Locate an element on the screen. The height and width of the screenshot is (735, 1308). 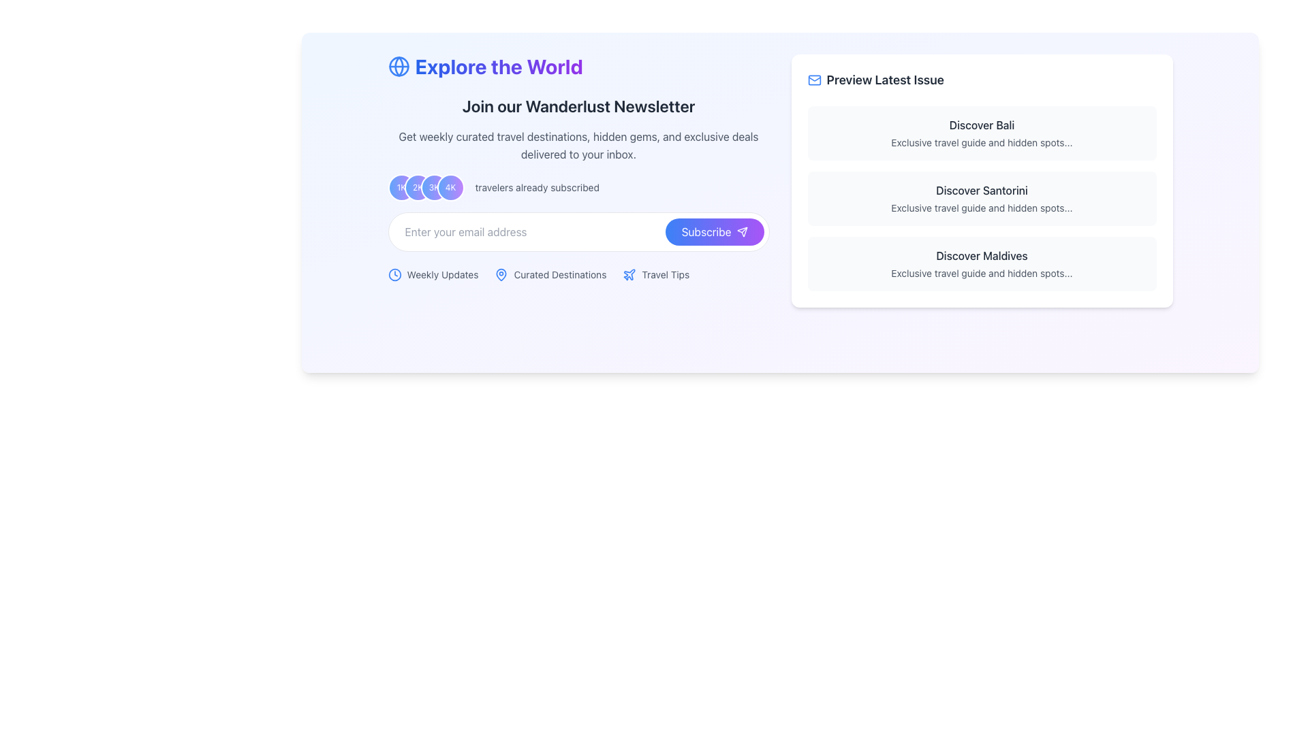
the communication or mailing icon located at the top-left of the 'Preview Latest Issue' card, adjacent to its title is located at coordinates (814, 80).